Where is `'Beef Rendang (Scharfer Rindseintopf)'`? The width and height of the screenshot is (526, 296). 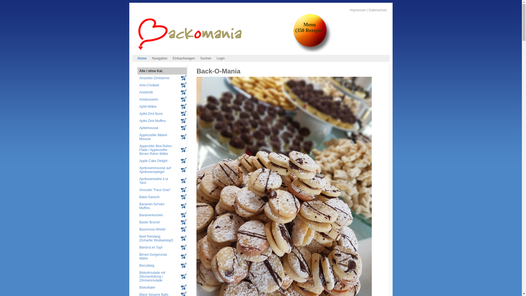
'Beef Rendang (Scharfer Rindseintopf)' is located at coordinates (156, 238).